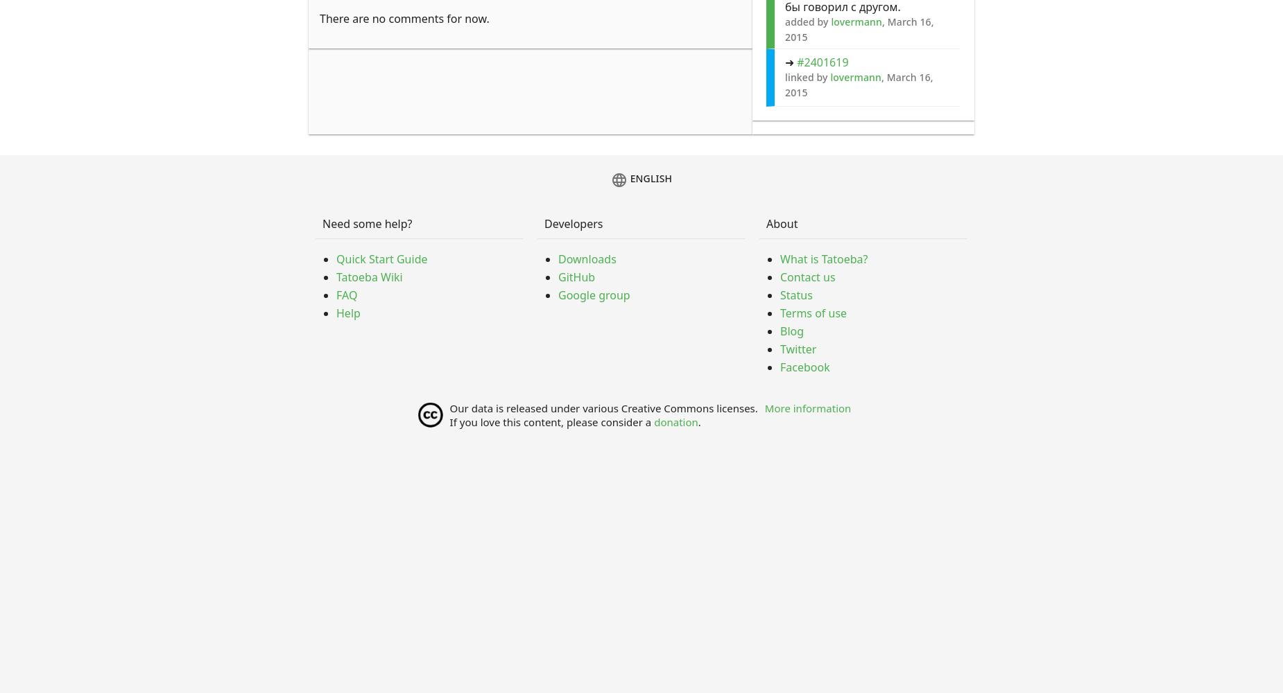  I want to click on 'If you love this content, please consider a', so click(551, 421).